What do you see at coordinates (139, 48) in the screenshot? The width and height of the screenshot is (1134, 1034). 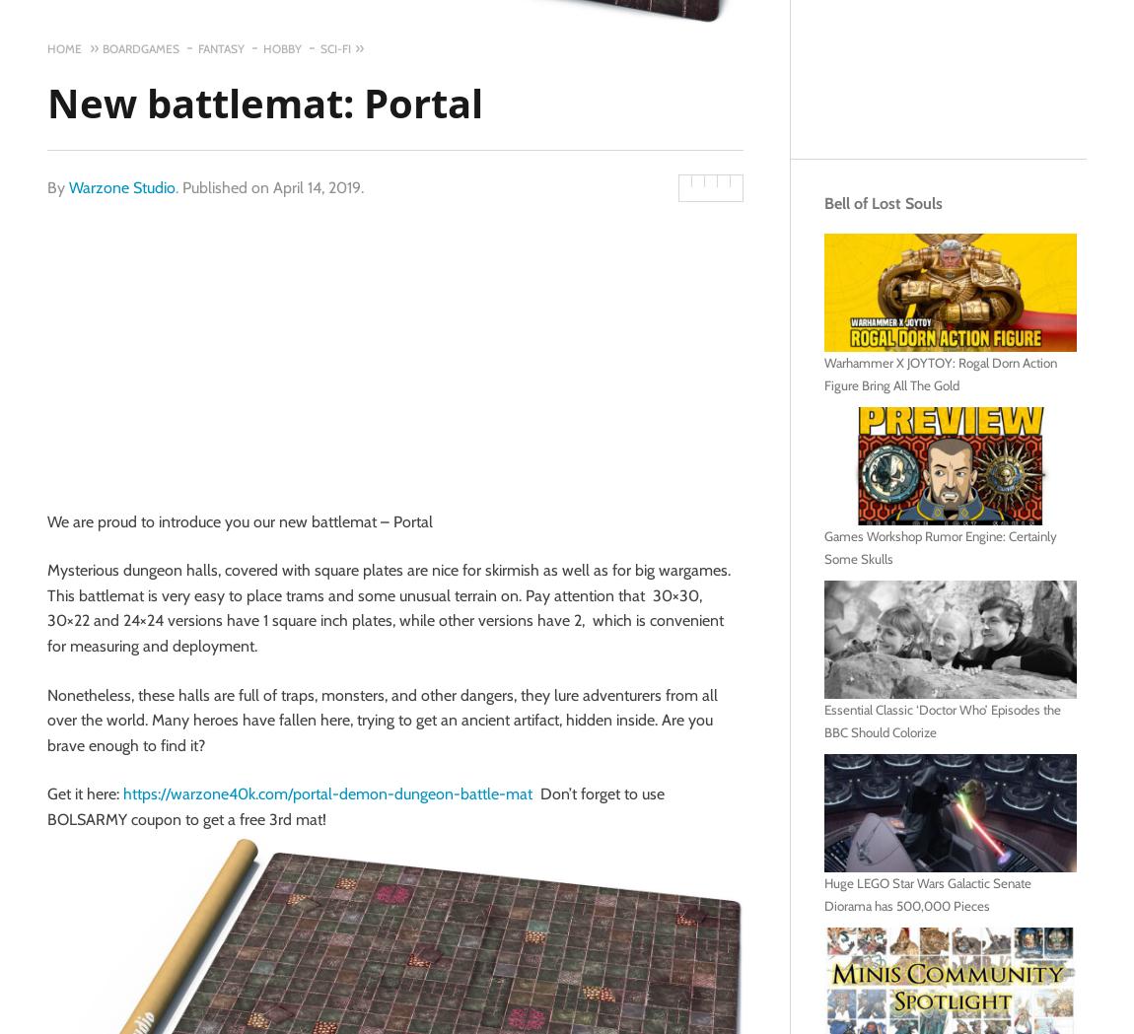 I see `'Boardgames'` at bounding box center [139, 48].